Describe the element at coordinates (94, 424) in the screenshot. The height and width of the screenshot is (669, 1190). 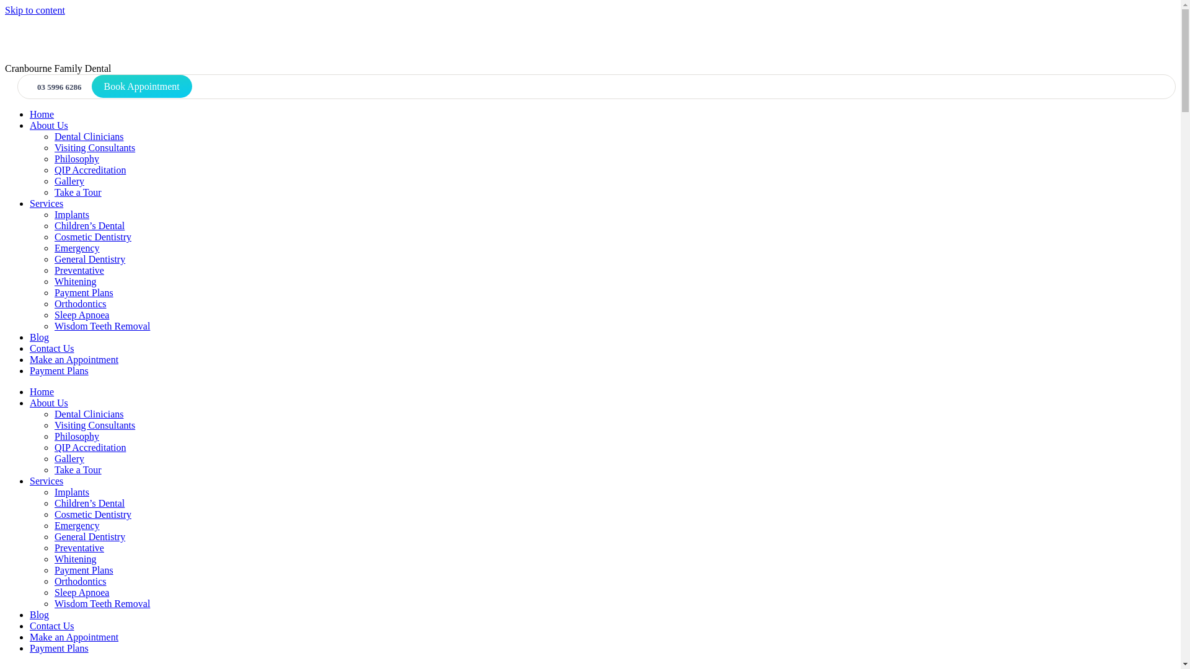
I see `'Visiting Consultants'` at that location.